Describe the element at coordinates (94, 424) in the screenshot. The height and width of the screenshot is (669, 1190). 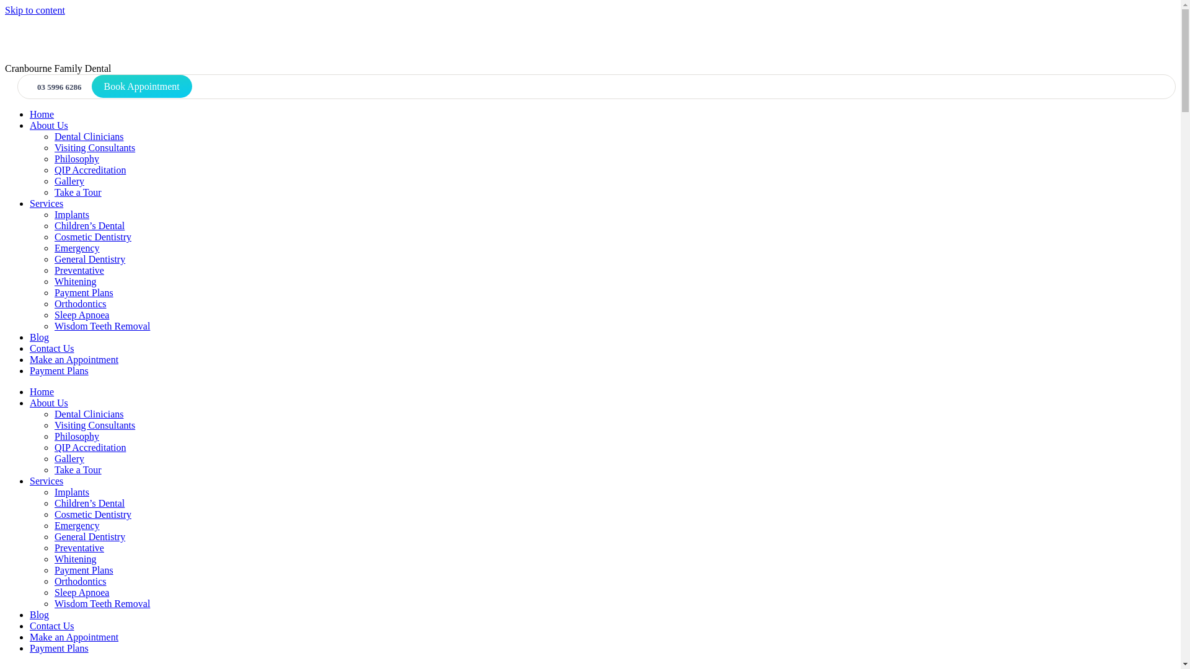
I see `'Visiting Consultants'` at that location.